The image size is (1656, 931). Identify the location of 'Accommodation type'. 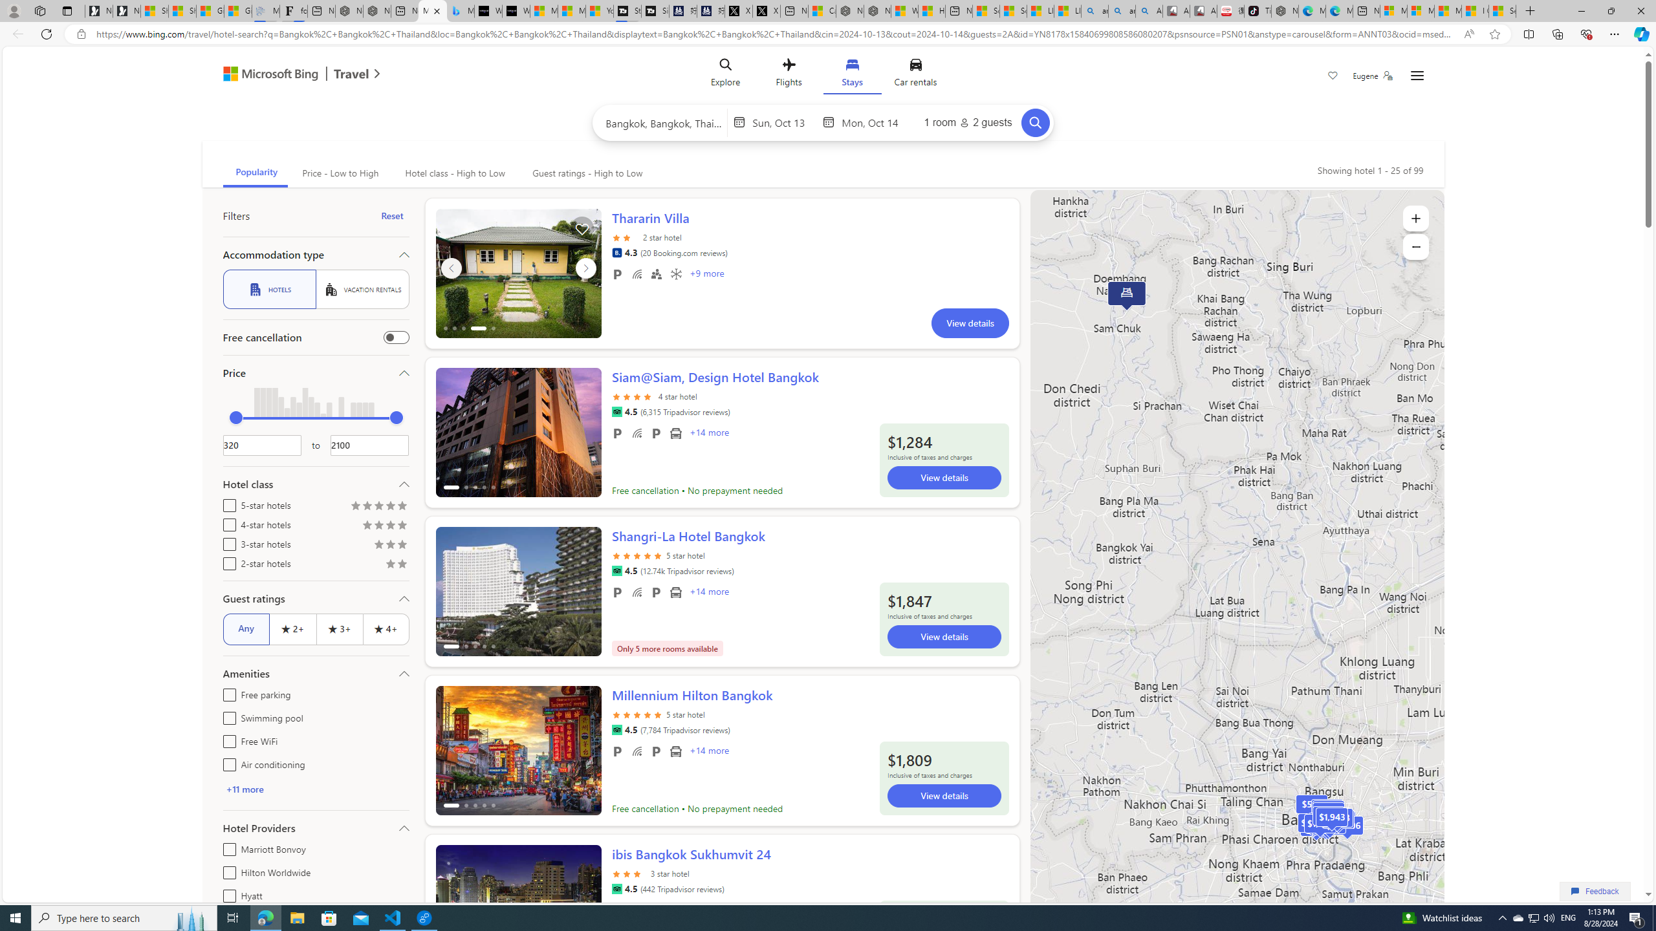
(314, 253).